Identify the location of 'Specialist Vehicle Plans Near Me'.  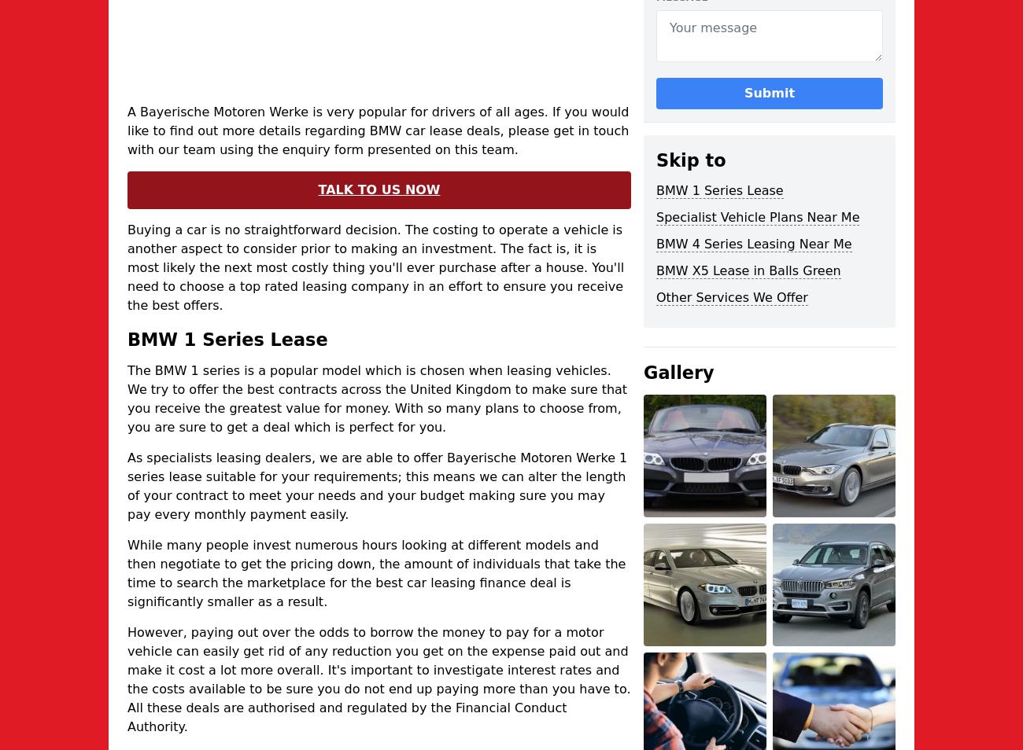
(758, 217).